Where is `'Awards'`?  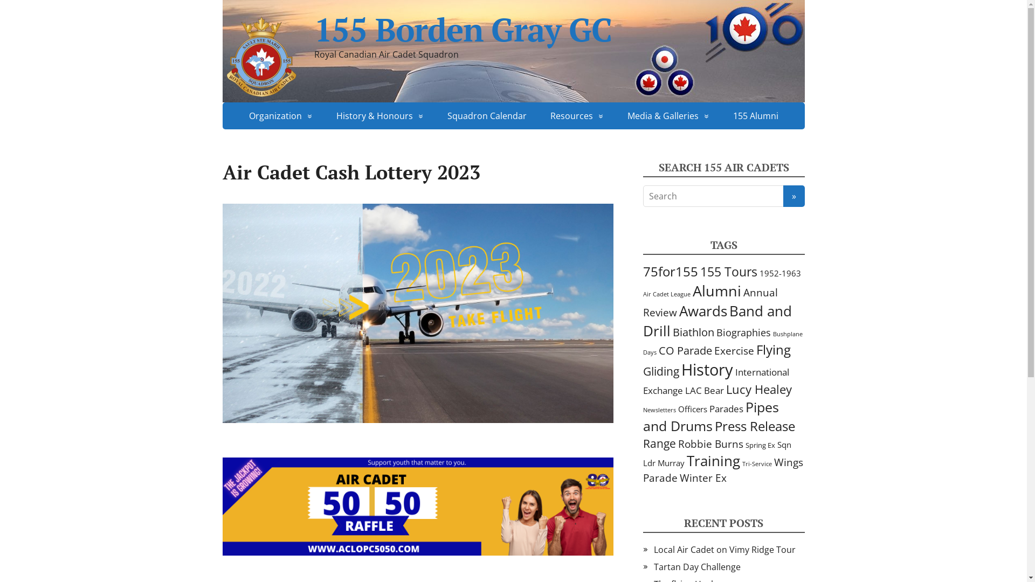
'Awards' is located at coordinates (678, 311).